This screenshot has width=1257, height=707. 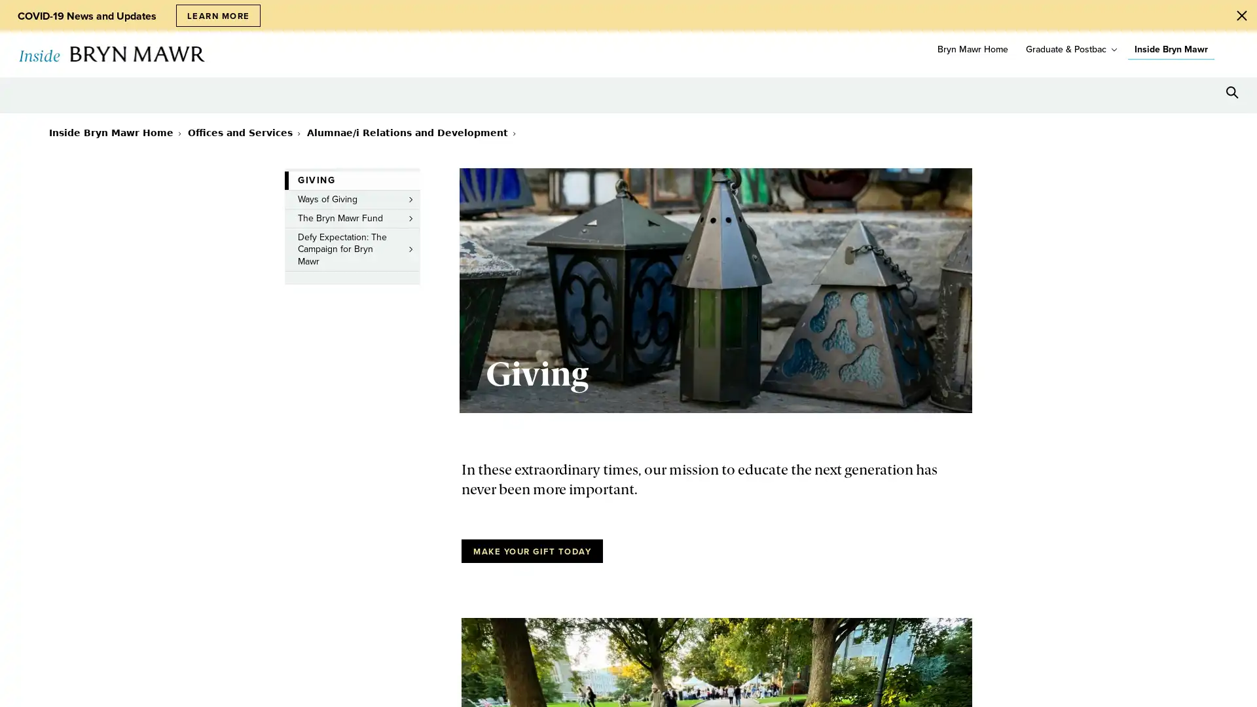 What do you see at coordinates (1135, 91) in the screenshot?
I see `Open Location menu` at bounding box center [1135, 91].